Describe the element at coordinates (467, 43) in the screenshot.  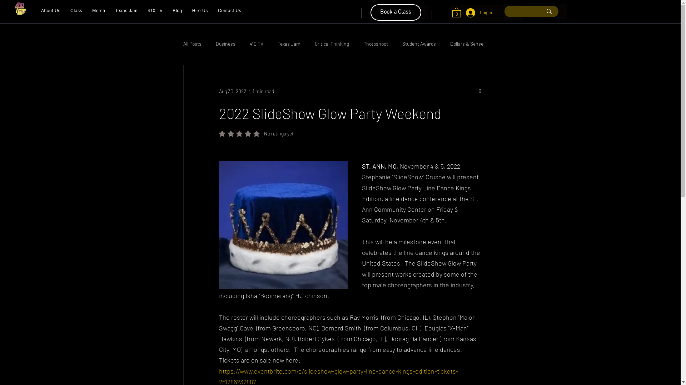
I see `'Dollars & Sense'` at that location.